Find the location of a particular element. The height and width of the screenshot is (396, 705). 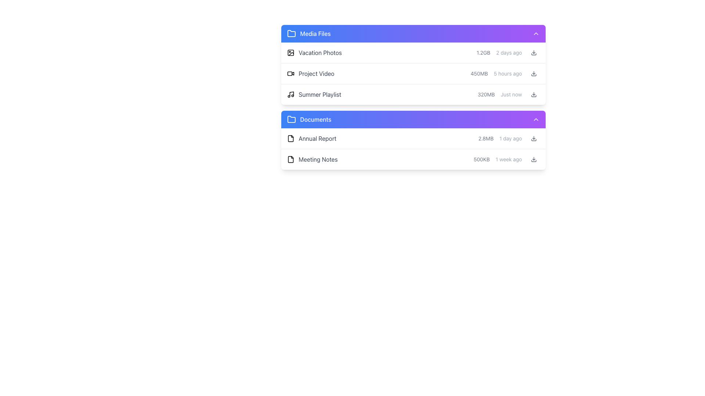

the download SVG icon located on the right side of the 'Annual Report' row in the 'Documents' section to initiate the download is located at coordinates (534, 139).